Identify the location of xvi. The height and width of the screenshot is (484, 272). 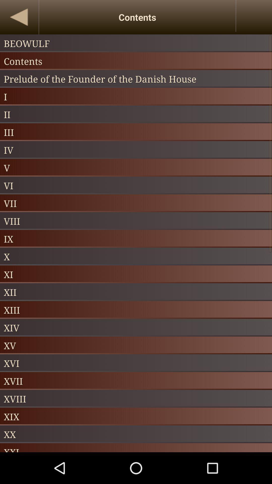
(136, 363).